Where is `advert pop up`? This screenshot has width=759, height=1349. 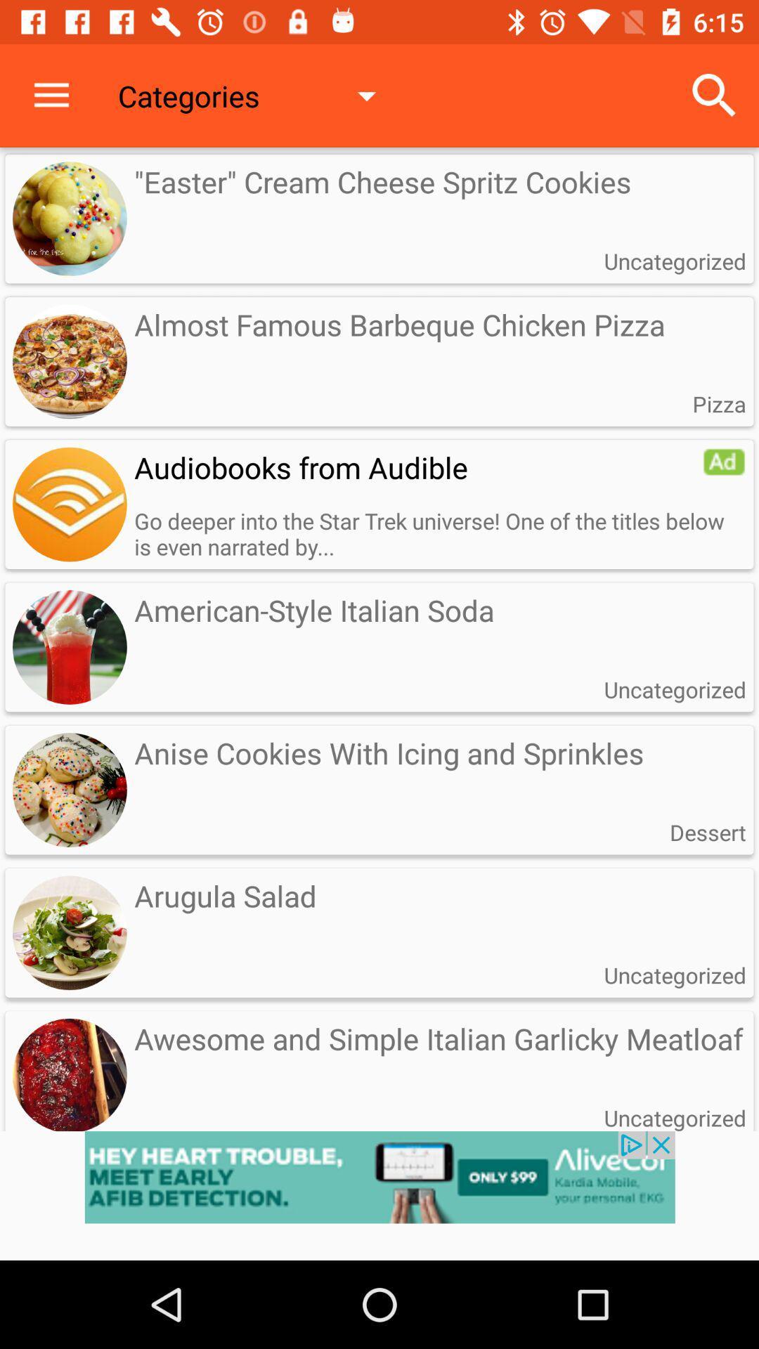 advert pop up is located at coordinates (379, 1195).